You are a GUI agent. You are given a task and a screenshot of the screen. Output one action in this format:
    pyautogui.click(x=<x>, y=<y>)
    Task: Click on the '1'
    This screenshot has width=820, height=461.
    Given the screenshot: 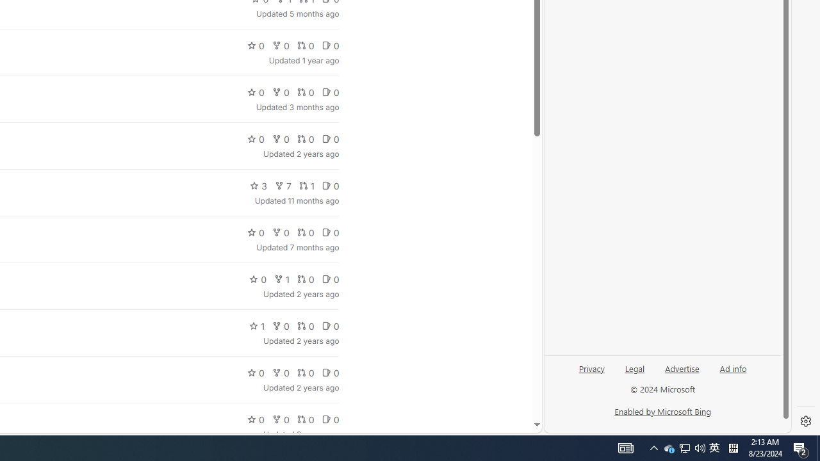 What is the action you would take?
    pyautogui.click(x=256, y=325)
    